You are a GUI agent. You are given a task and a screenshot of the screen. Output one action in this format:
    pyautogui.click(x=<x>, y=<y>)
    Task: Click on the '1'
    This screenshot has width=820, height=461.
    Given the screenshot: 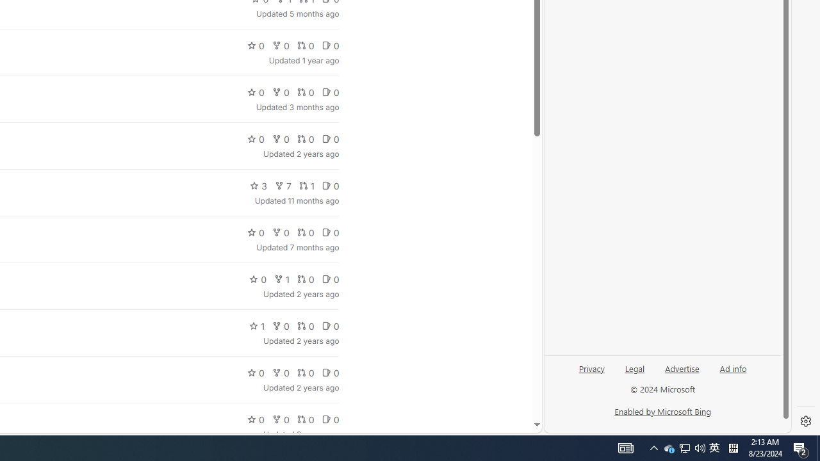 What is the action you would take?
    pyautogui.click(x=256, y=325)
    